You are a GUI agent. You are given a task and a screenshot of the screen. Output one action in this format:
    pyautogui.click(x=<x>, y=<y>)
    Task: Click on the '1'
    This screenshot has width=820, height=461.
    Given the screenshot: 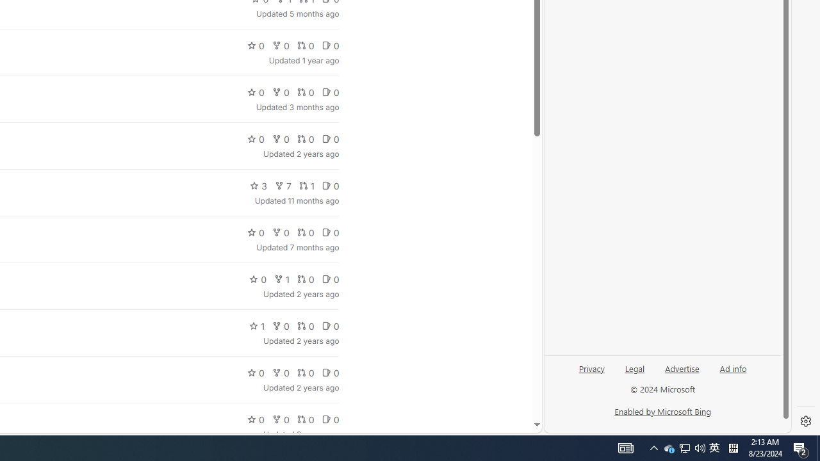 What is the action you would take?
    pyautogui.click(x=256, y=325)
    